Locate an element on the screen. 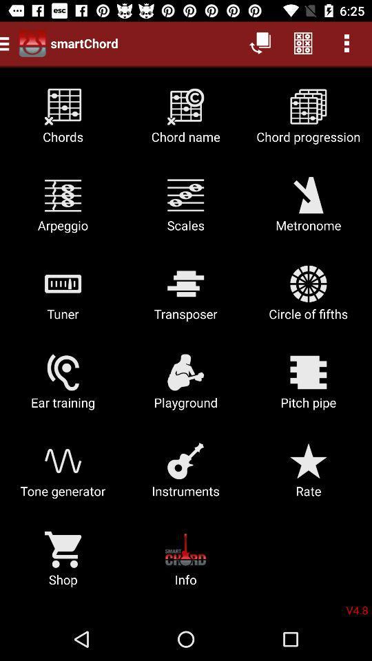 The image size is (372, 661). the chord name icon is located at coordinates (185, 120).